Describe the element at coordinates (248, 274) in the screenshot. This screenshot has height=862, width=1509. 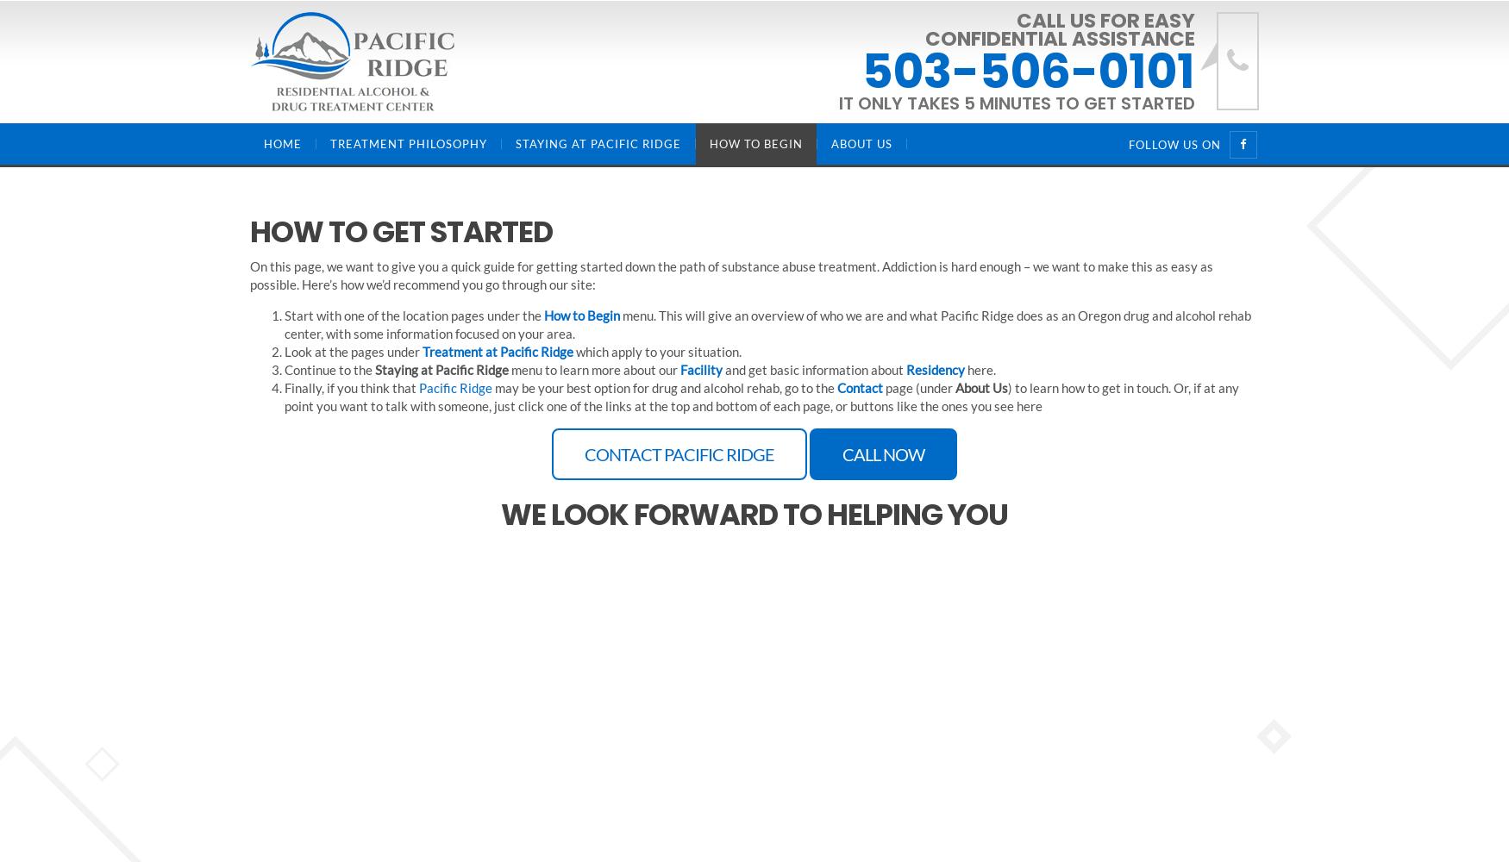
I see `'On this page, we want to give you a quick guide for getting started down the path of substance abuse treatment. Addiction is hard enough – we want to make this as easy as possible. Here’s how we’d recommend you go through our site:'` at that location.